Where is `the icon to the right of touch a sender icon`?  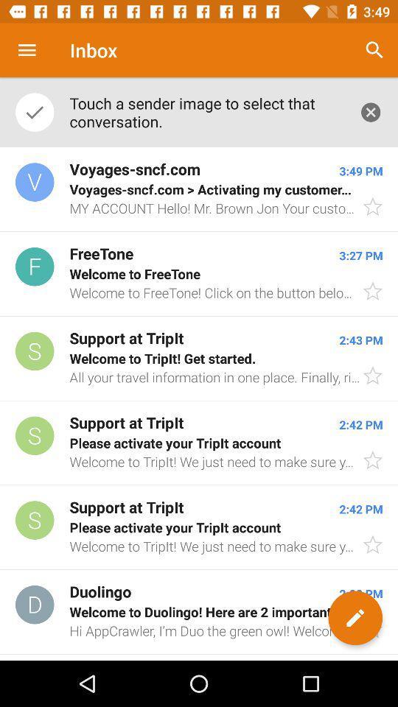
the icon to the right of touch a sender icon is located at coordinates (374, 50).